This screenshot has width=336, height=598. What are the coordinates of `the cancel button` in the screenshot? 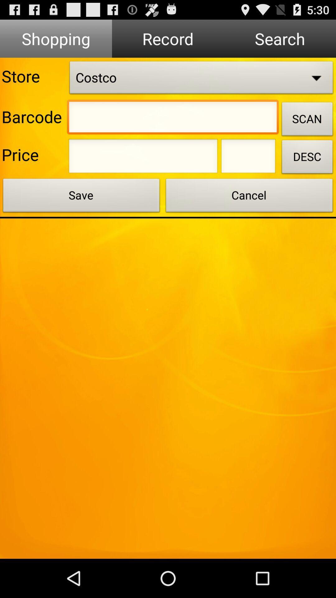 It's located at (249, 197).